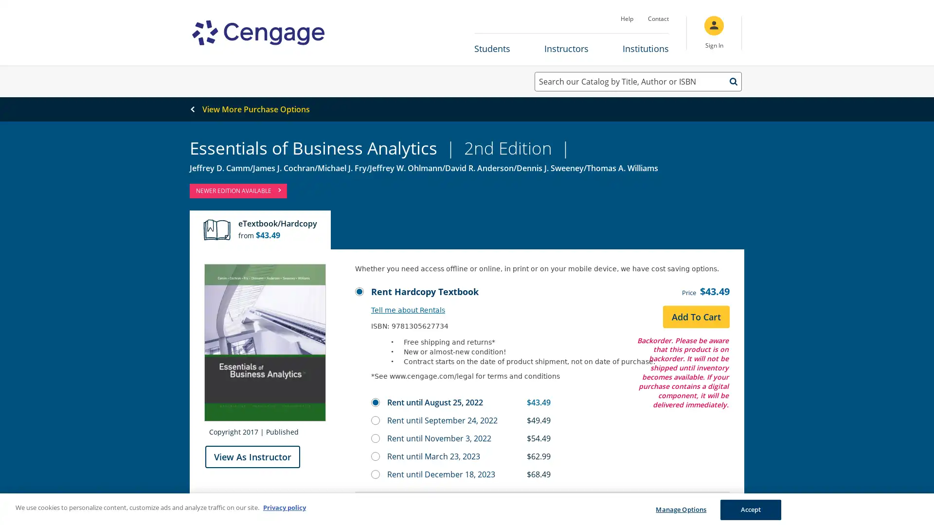 The image size is (934, 525). Describe the element at coordinates (750, 509) in the screenshot. I see `Accept` at that location.